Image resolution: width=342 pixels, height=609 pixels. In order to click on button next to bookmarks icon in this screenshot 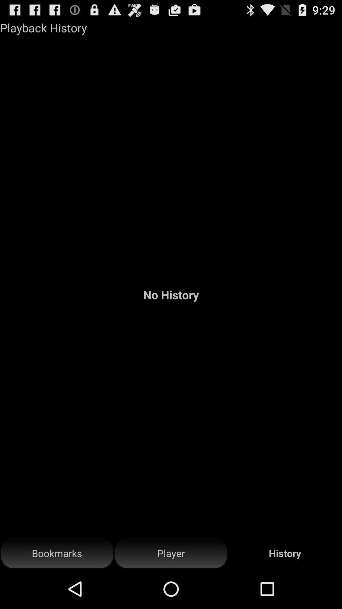, I will do `click(171, 553)`.